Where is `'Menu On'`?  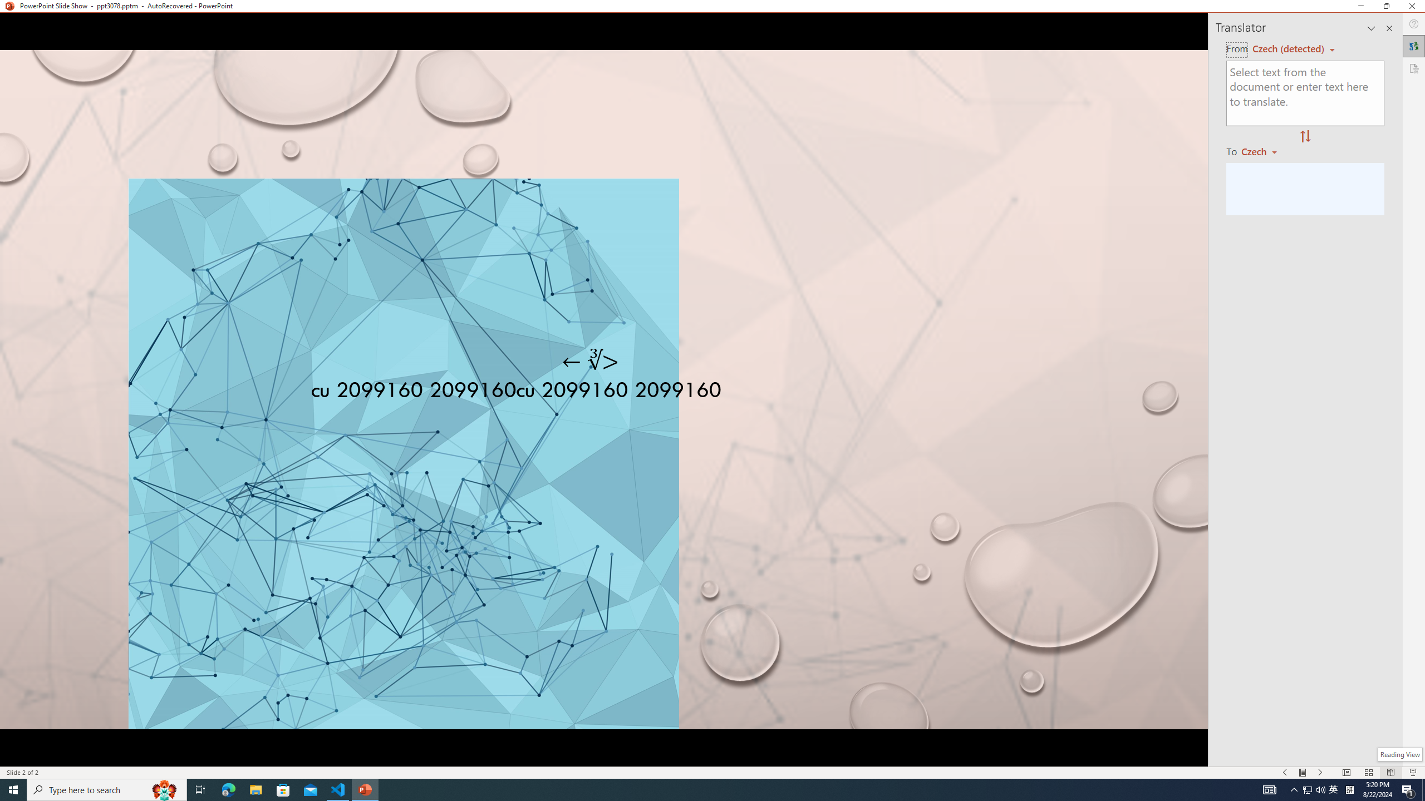
'Menu On' is located at coordinates (1303, 773).